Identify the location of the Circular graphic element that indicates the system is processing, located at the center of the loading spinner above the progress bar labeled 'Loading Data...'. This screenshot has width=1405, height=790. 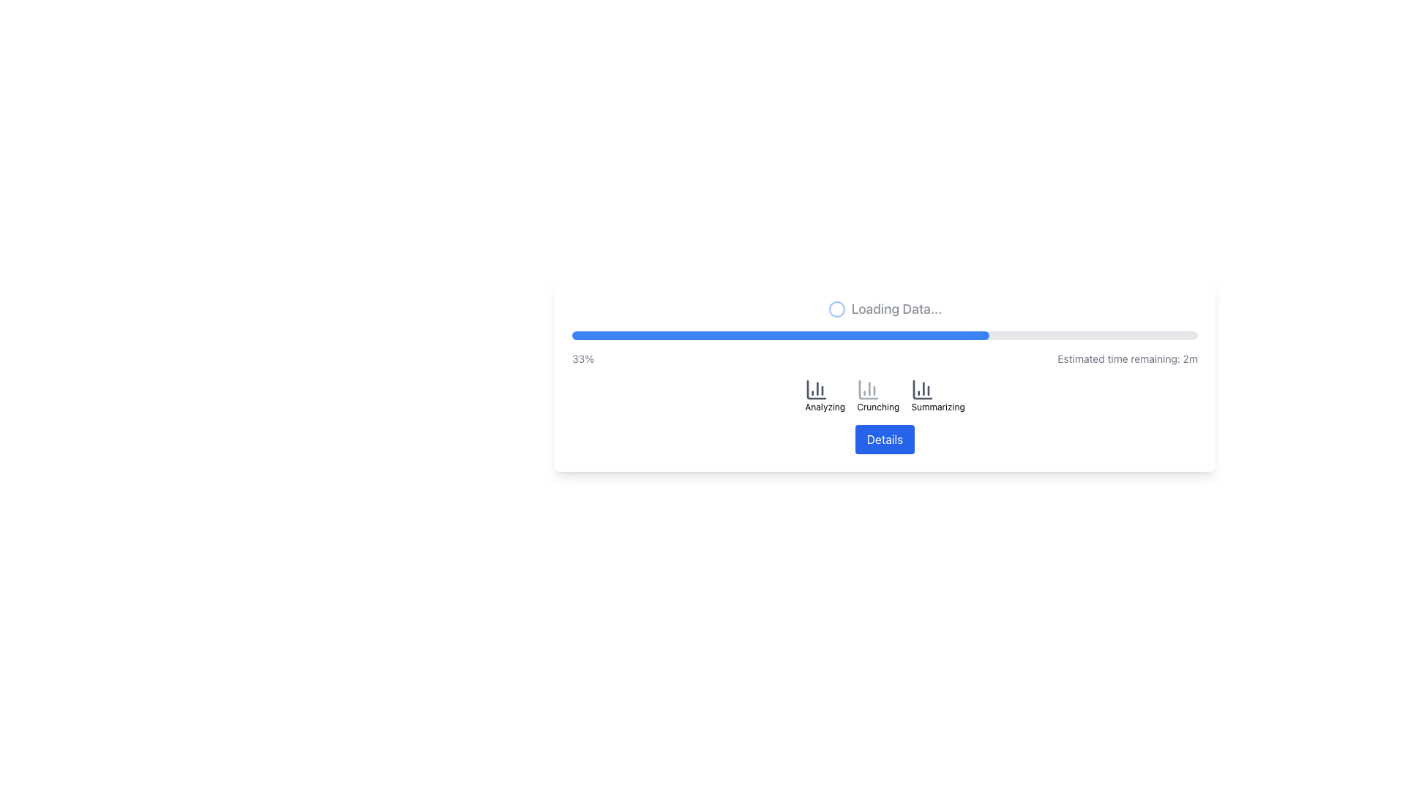
(836, 309).